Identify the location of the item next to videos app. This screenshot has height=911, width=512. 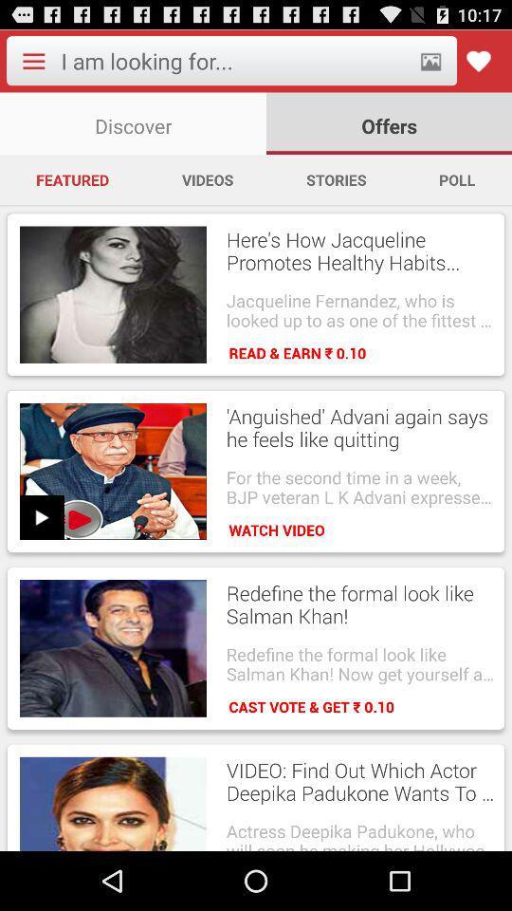
(71, 179).